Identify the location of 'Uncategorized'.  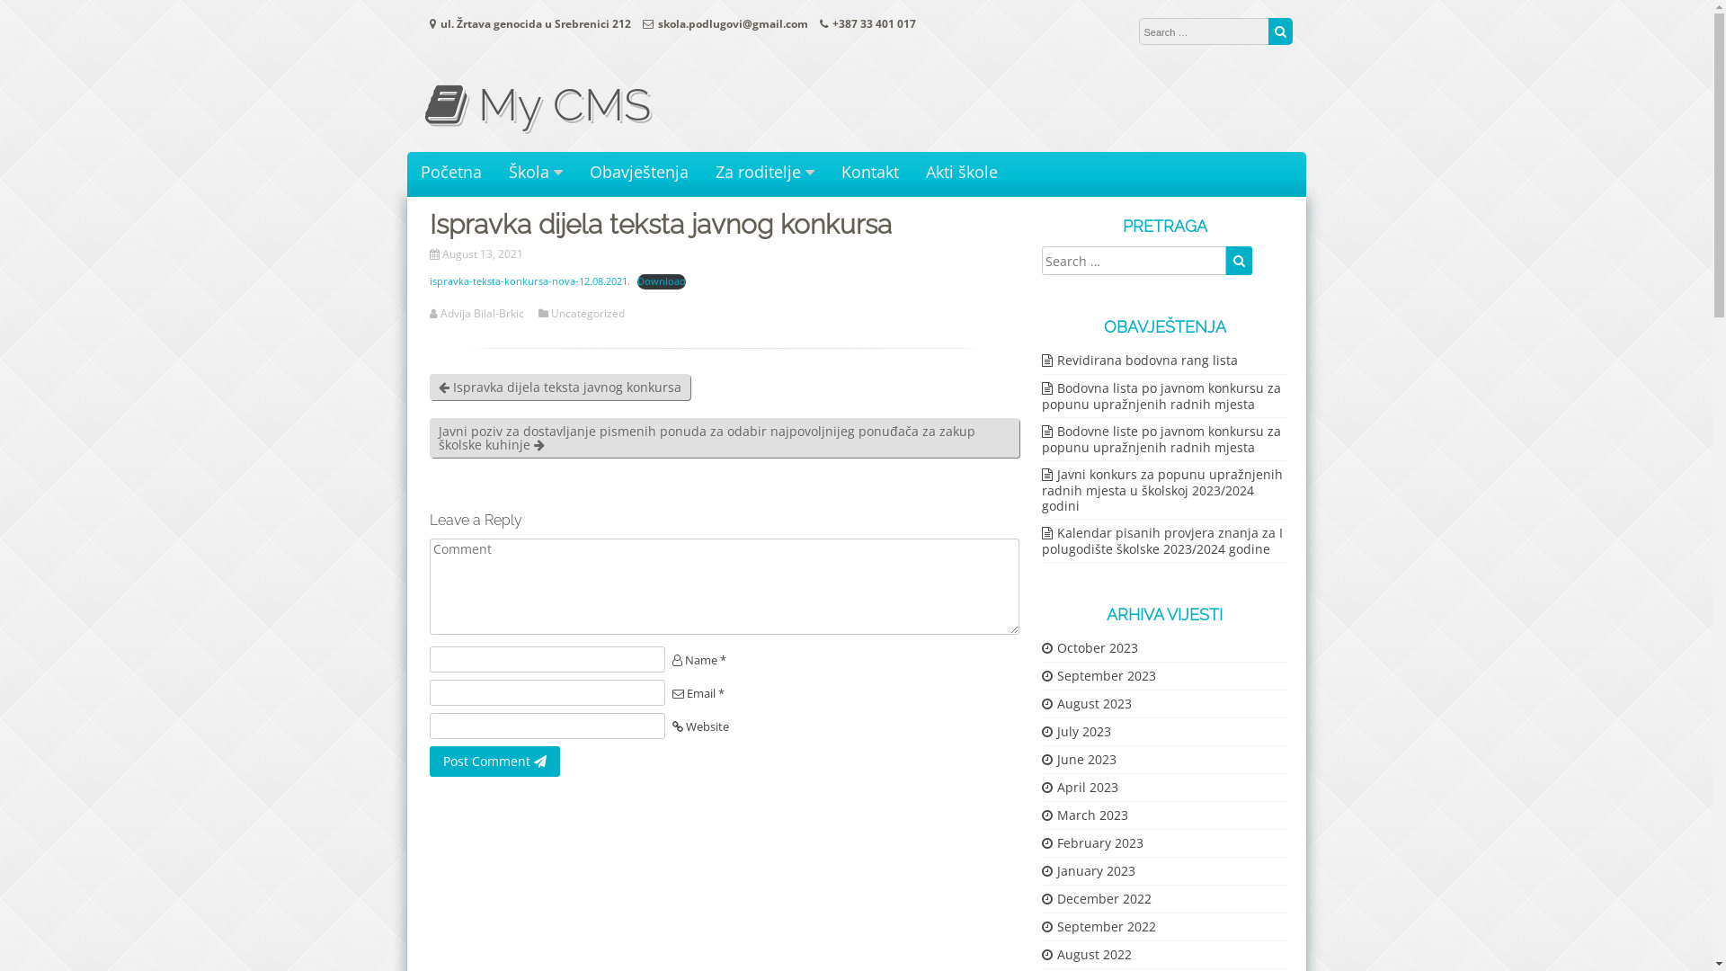
(588, 312).